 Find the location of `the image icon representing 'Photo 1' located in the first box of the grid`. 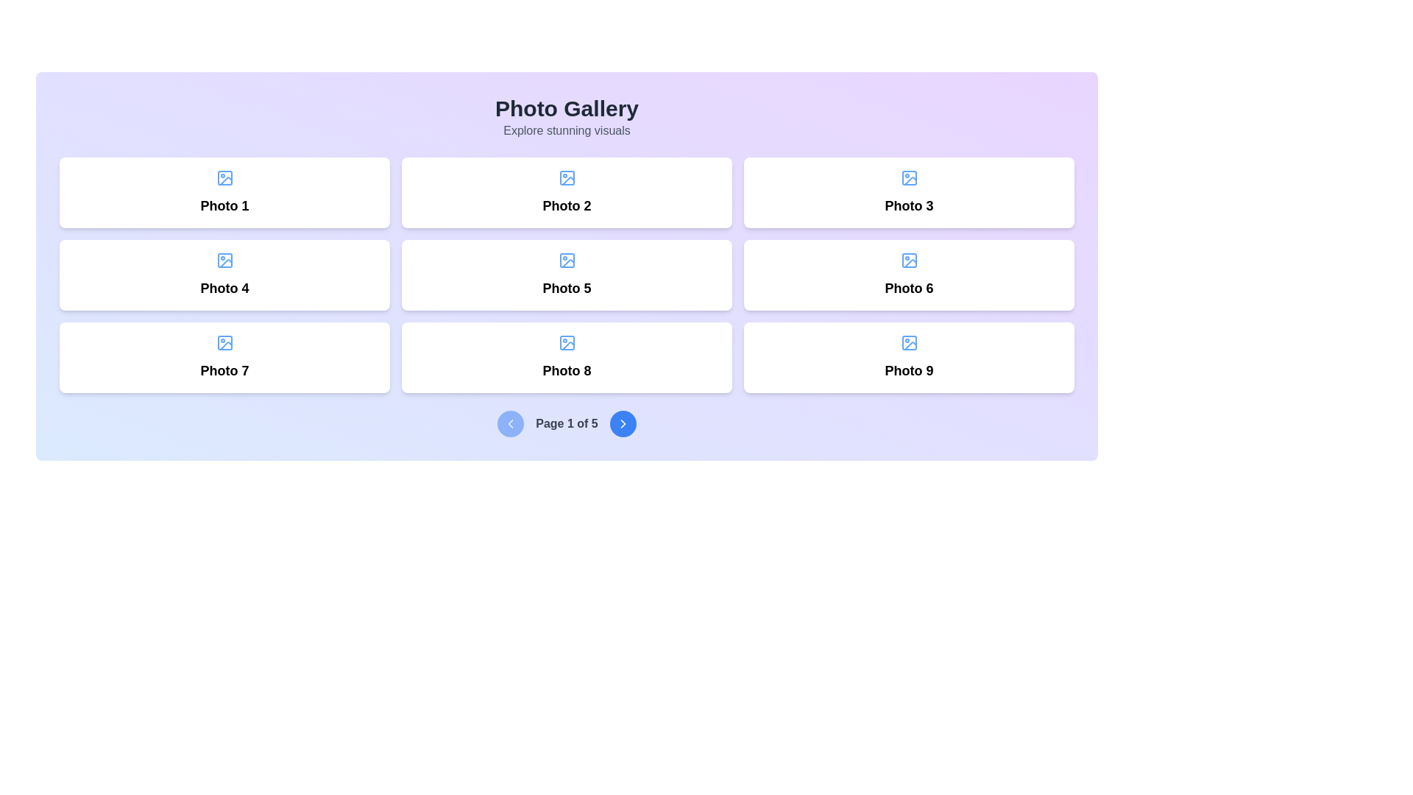

the image icon representing 'Photo 1' located in the first box of the grid is located at coordinates (224, 177).